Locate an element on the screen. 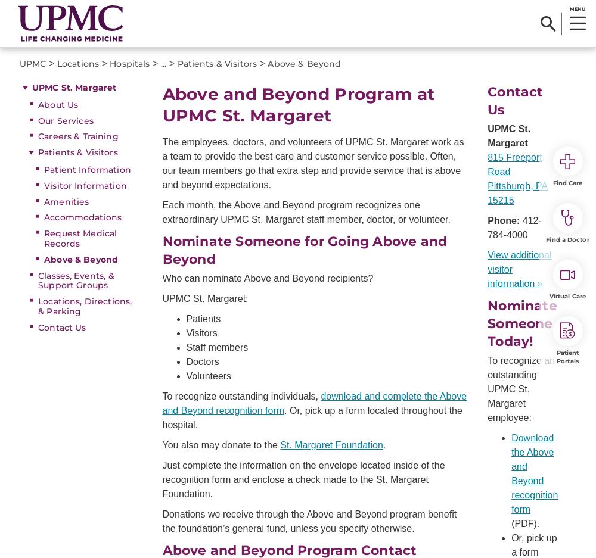  'Above & Beyond' is located at coordinates (304, 63).